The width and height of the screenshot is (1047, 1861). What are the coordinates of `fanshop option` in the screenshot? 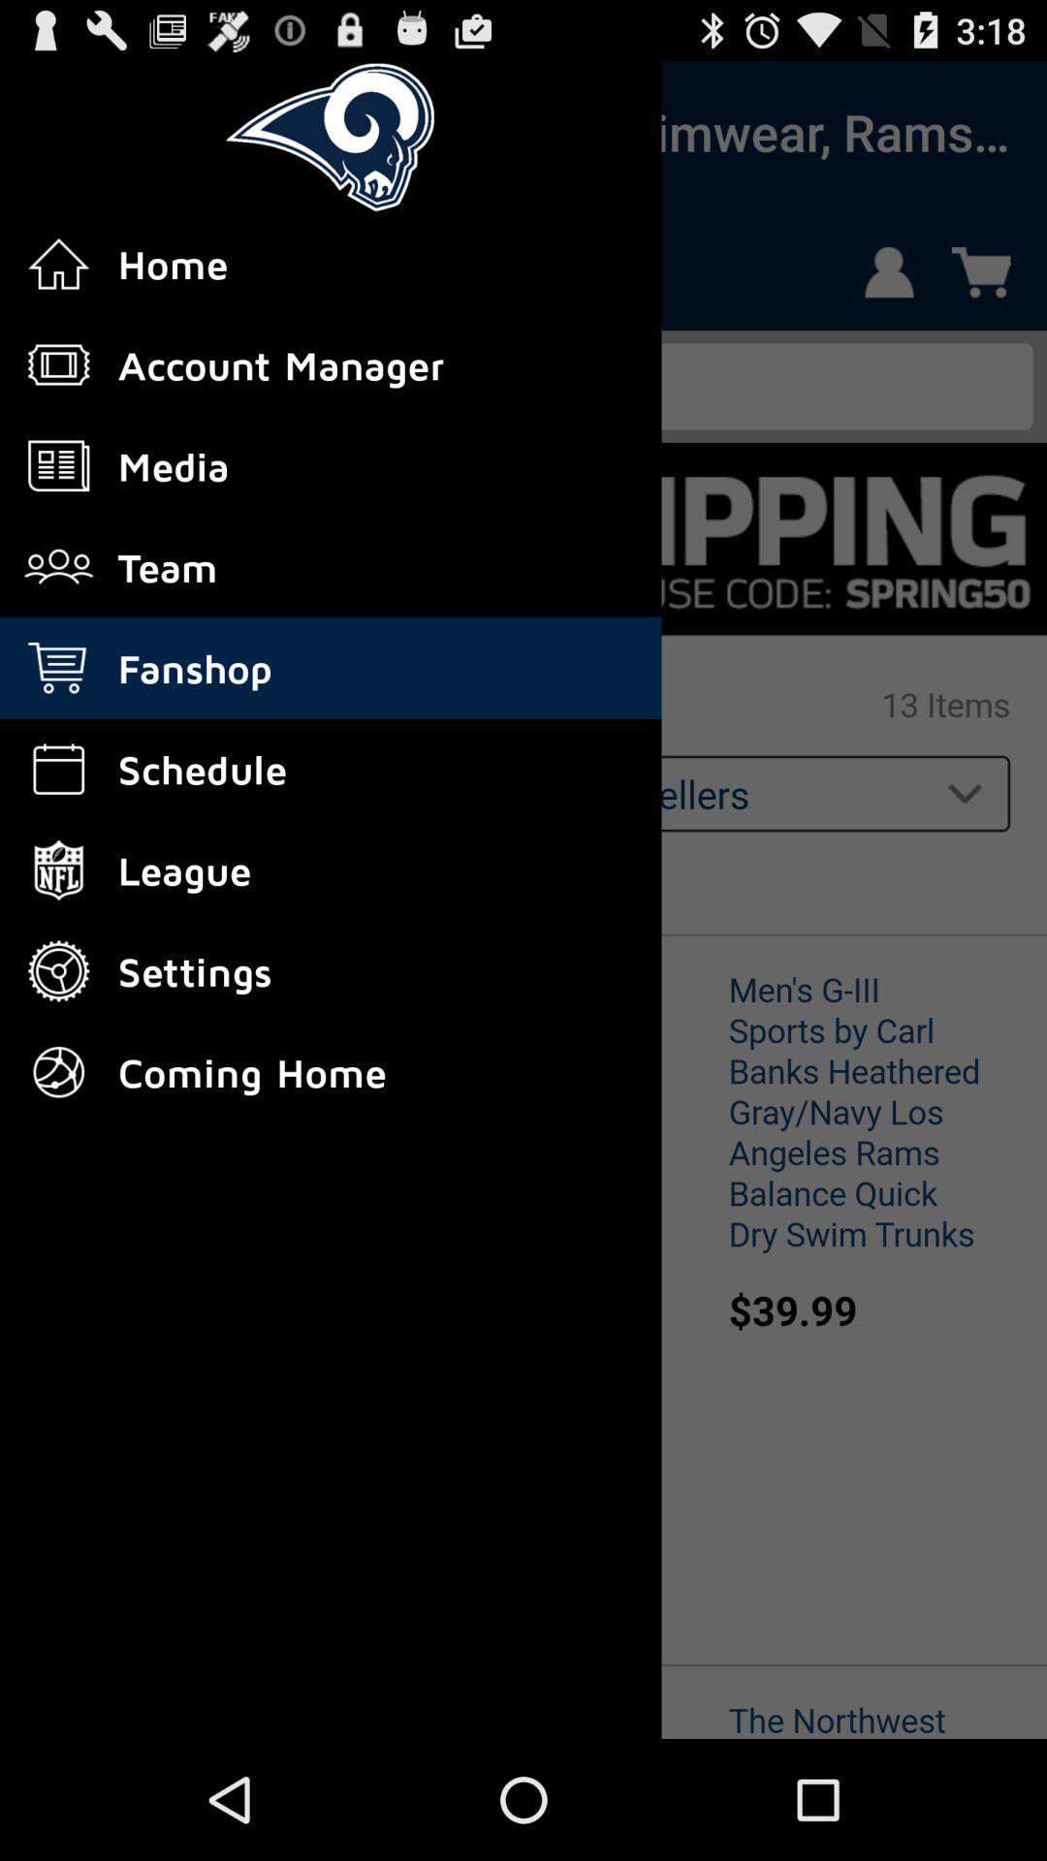 It's located at (70, 131).